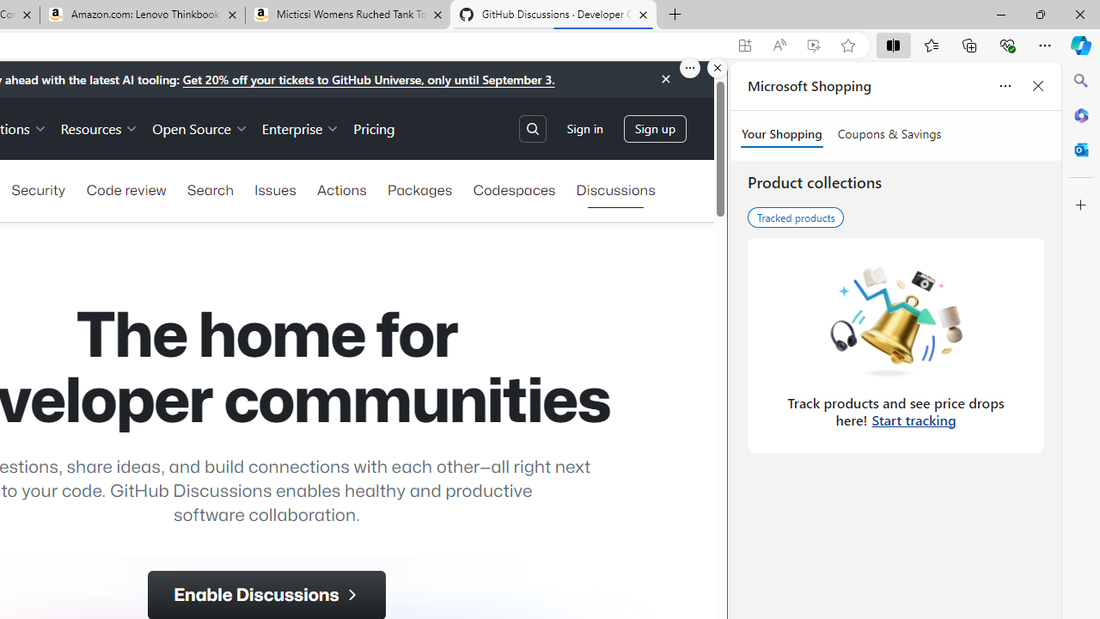  What do you see at coordinates (718, 67) in the screenshot?
I see `'Close split screen.'` at bounding box center [718, 67].